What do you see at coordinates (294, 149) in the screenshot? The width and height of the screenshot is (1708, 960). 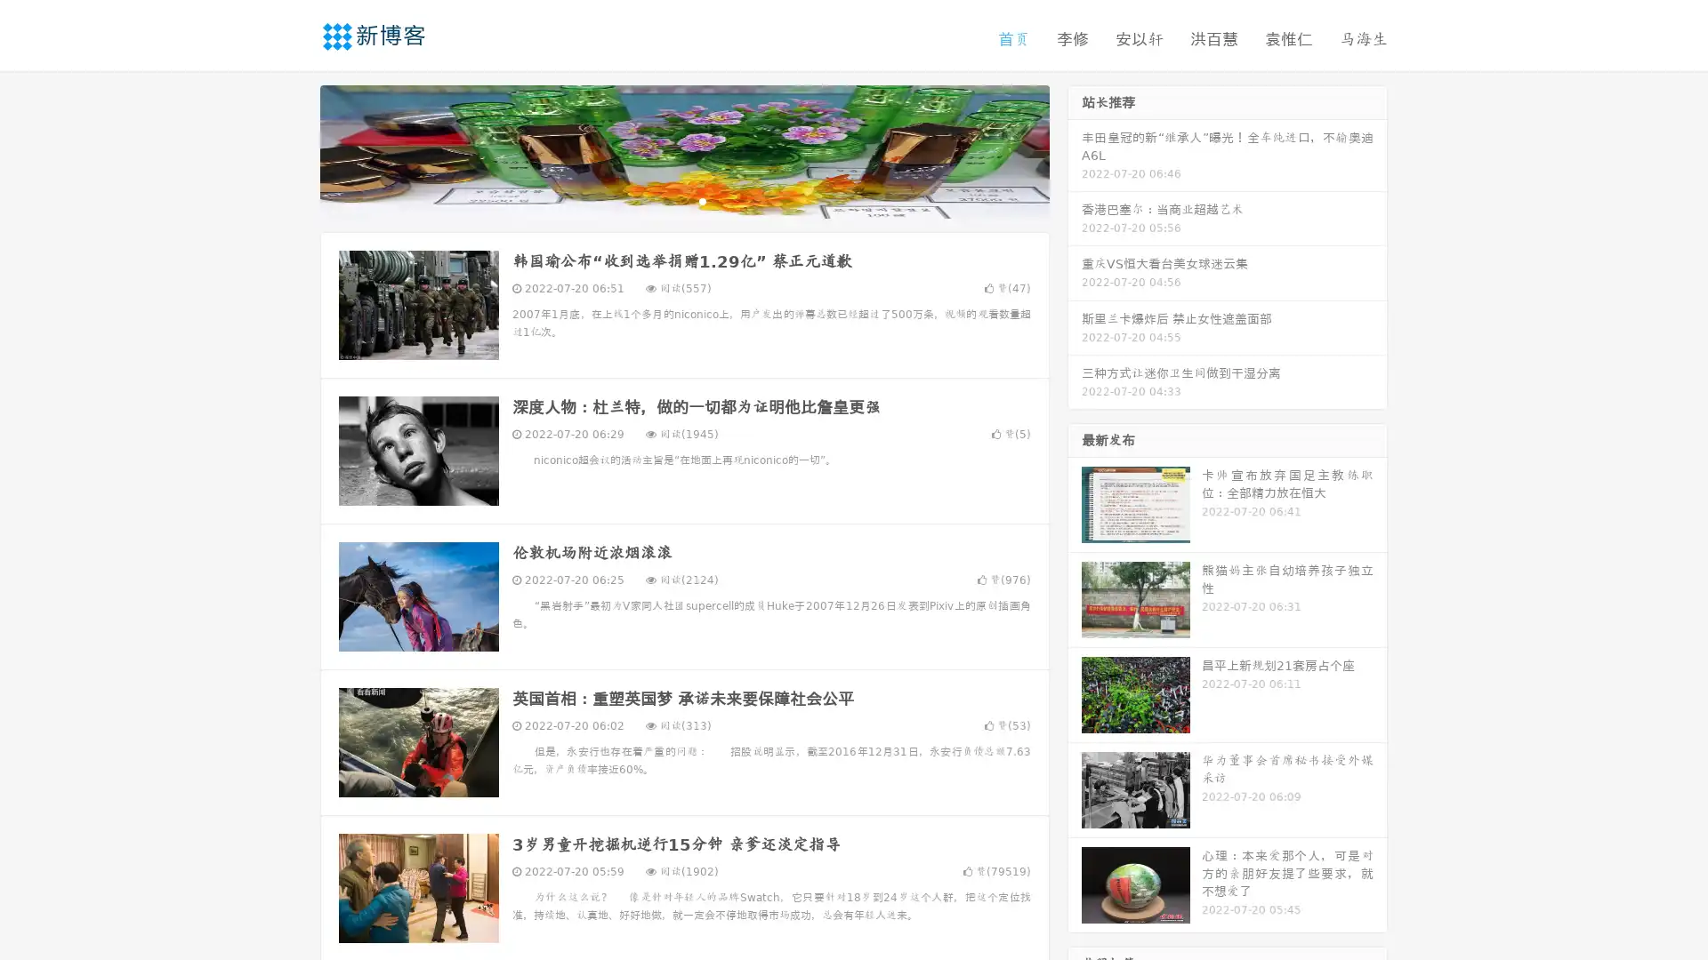 I see `Previous slide` at bounding box center [294, 149].